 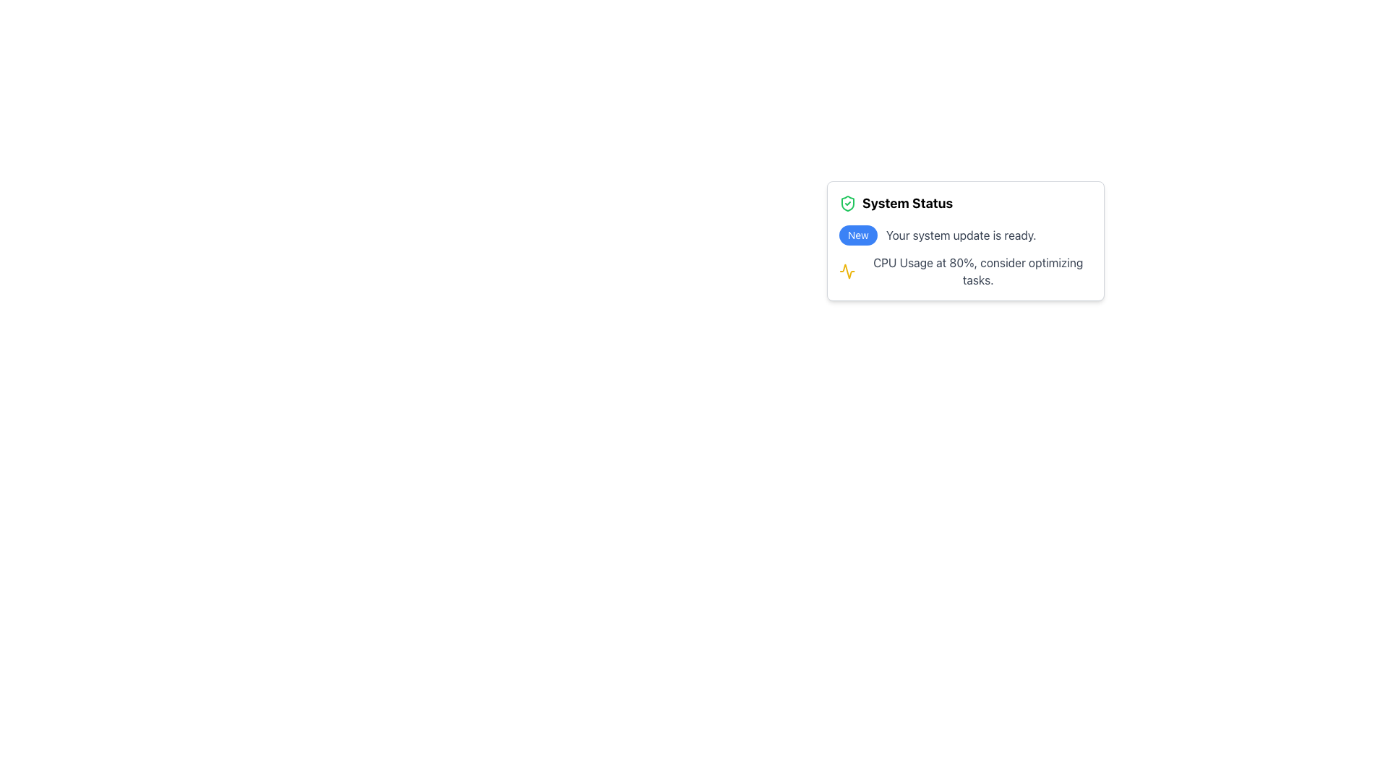 What do you see at coordinates (858, 235) in the screenshot?
I see `the informational badge indicating new or recently updated information located to the left of the text 'Your system update is ready.'` at bounding box center [858, 235].